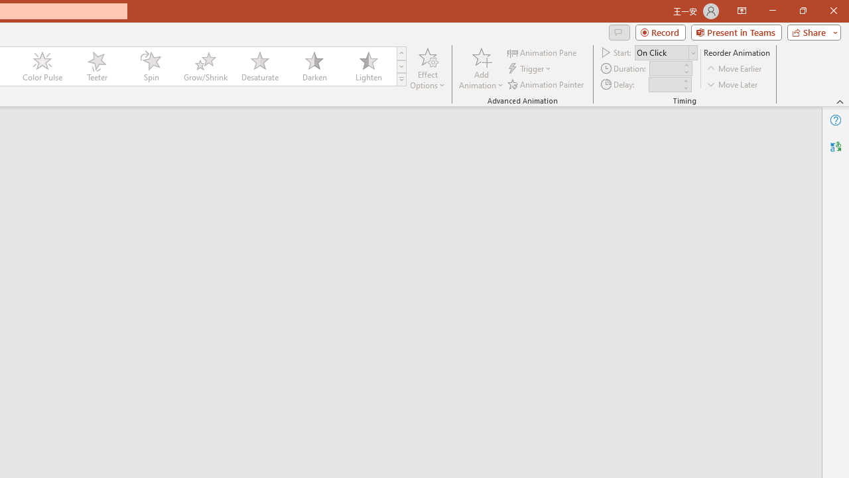 This screenshot has height=478, width=849. I want to click on 'Animation Styles', so click(401, 80).